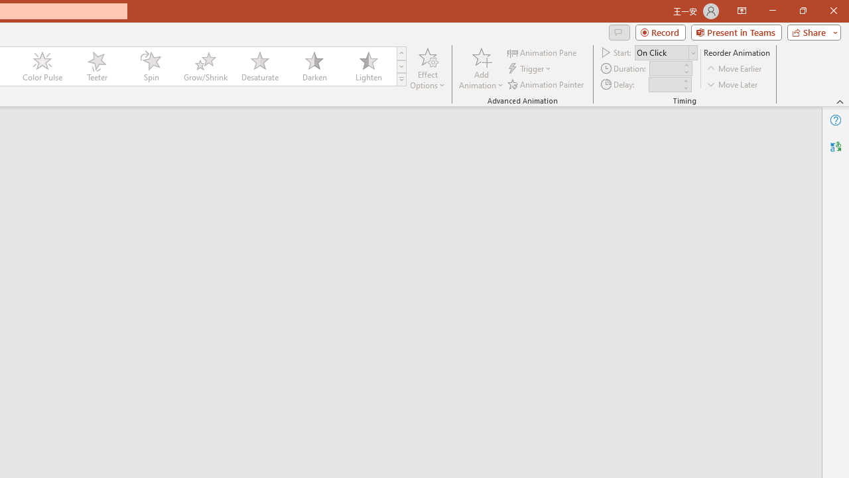 This screenshot has height=478, width=849. I want to click on 'Animation Styles', so click(401, 80).